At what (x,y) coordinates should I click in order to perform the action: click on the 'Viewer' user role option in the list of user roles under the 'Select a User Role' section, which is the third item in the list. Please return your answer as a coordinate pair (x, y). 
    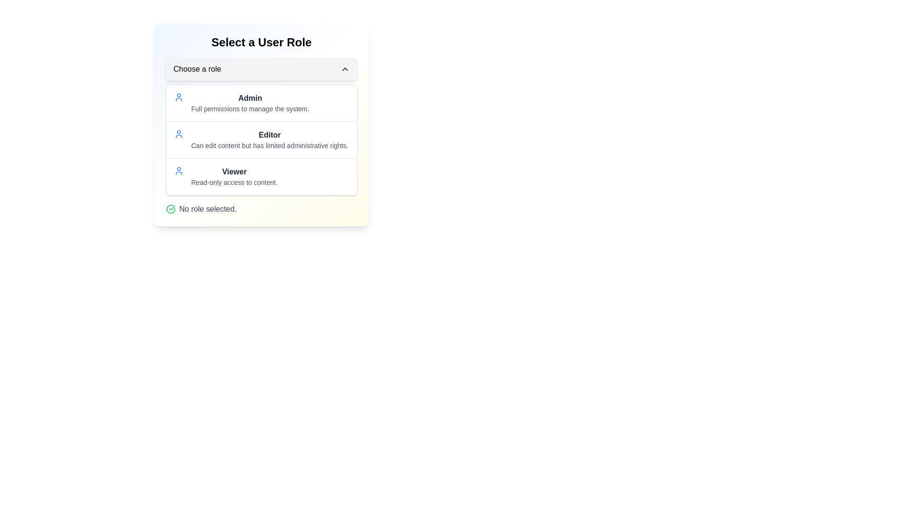
    Looking at the image, I should click on (261, 177).